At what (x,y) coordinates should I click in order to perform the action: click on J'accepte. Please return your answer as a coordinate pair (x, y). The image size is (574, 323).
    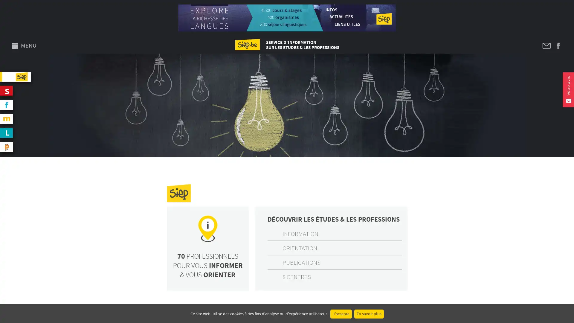
    Looking at the image, I should click on (341, 313).